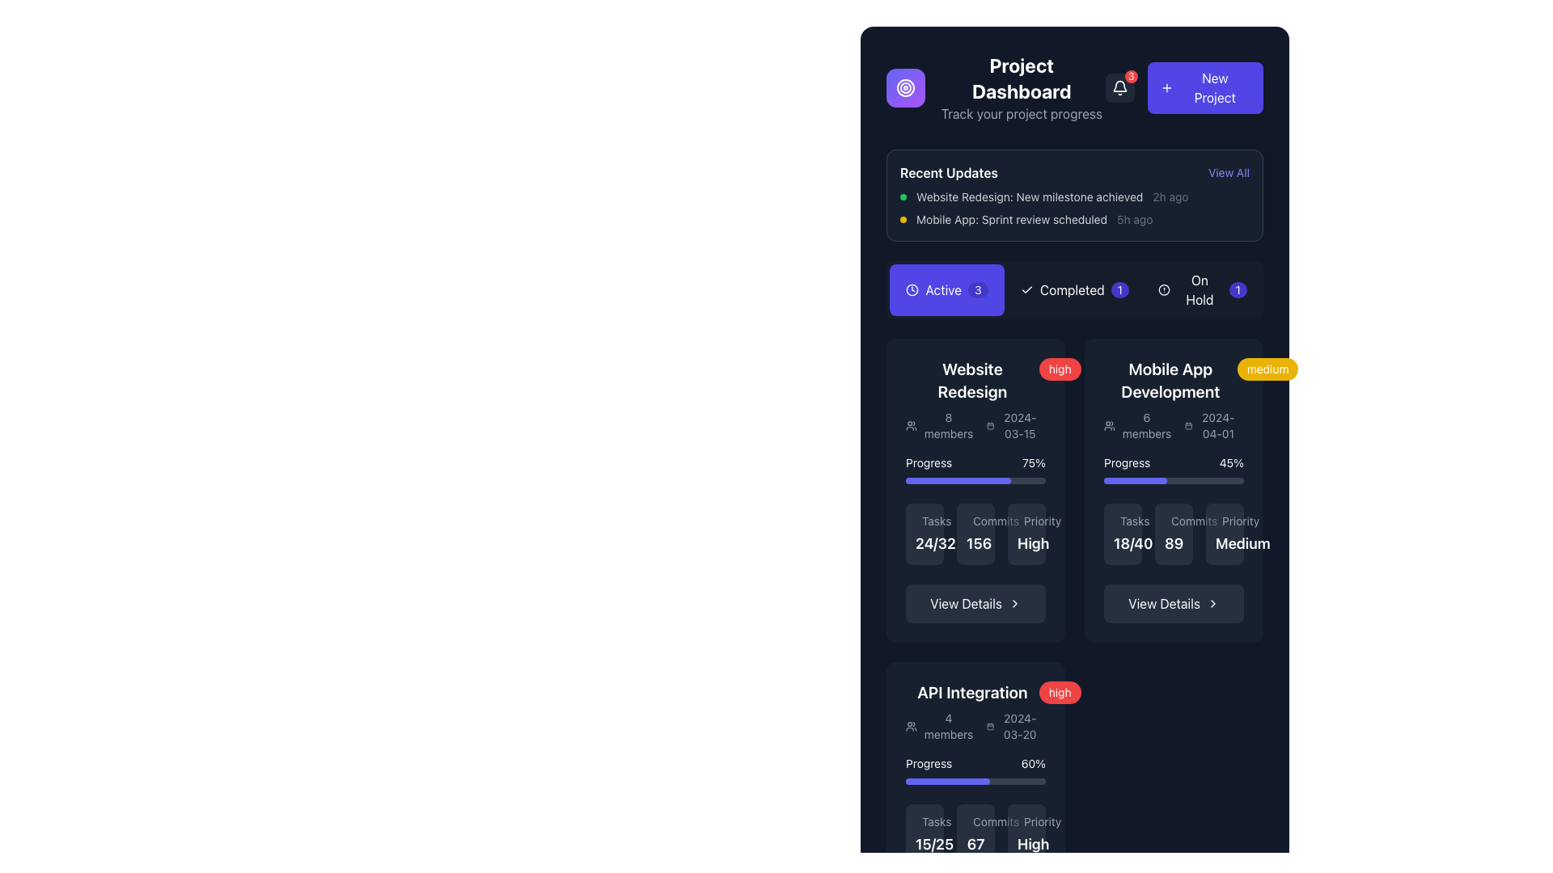  I want to click on the 'View All' text link, which is a clickable element in shades of indigo positioned on the right side of the 'Recent Updates' section, so click(1229, 172).